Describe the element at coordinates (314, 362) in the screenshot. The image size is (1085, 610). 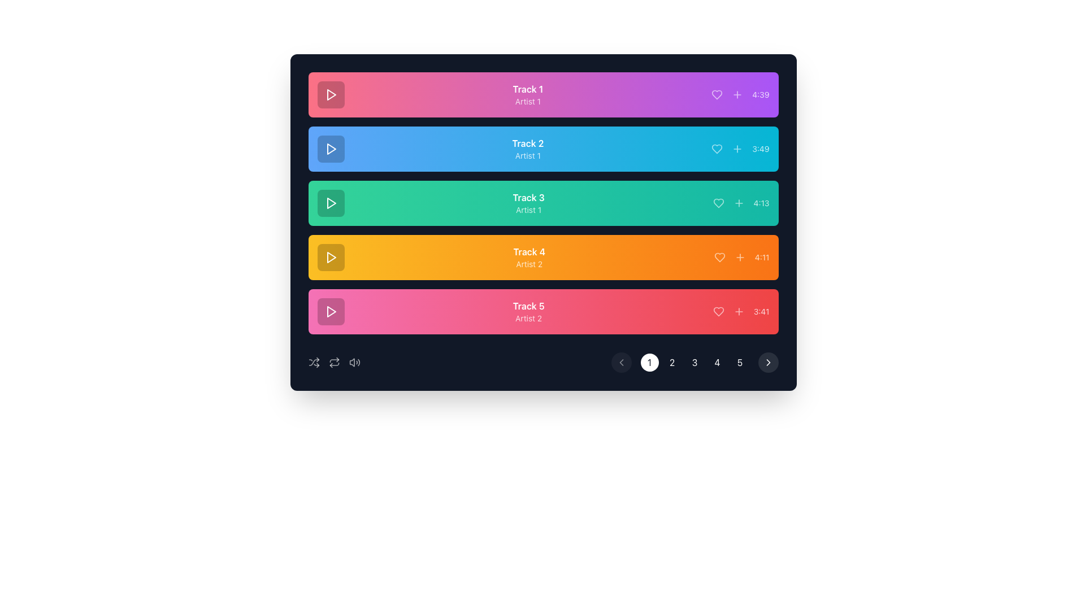
I see `the shuffle button, which is represented by an icon of intersecting arrows located in the bottom left corner of the control panel` at that location.